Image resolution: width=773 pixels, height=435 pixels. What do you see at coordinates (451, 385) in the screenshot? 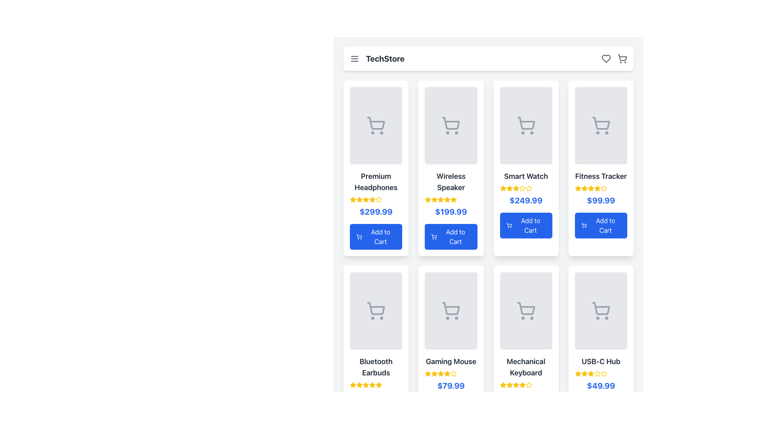
I see `the static text displaying the price of the product labeled 'Gaming Mouse', located between the product name and the 'Add to Cart' button` at bounding box center [451, 385].